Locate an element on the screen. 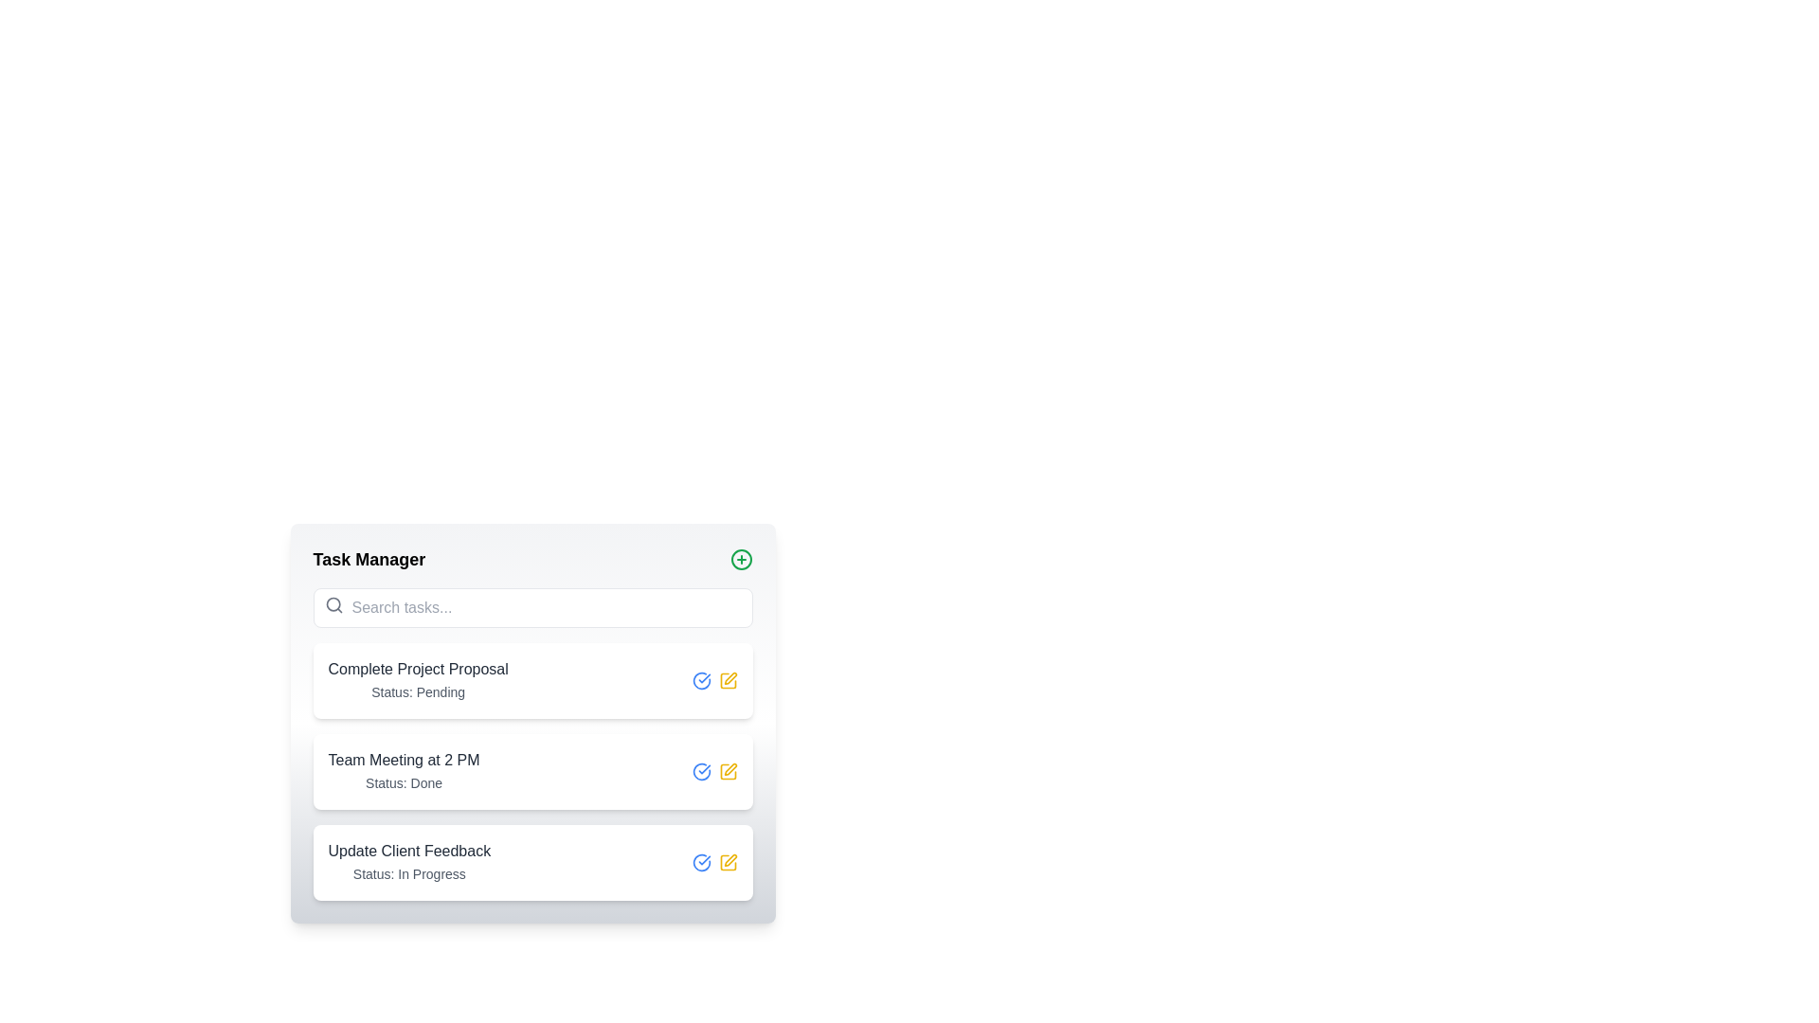 This screenshot has height=1023, width=1819. within the interface of the Icon group containing a blue checkmark icon and a yellow pencil icon, located in the 'Complete Project Proposal' task card is located at coordinates (713, 679).